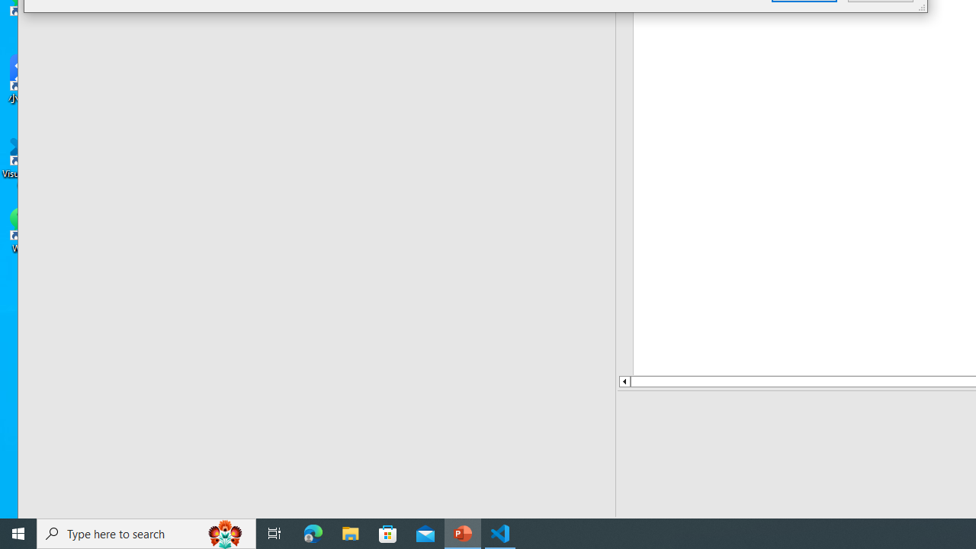 This screenshot has width=976, height=549. What do you see at coordinates (313, 532) in the screenshot?
I see `'Microsoft Edge'` at bounding box center [313, 532].